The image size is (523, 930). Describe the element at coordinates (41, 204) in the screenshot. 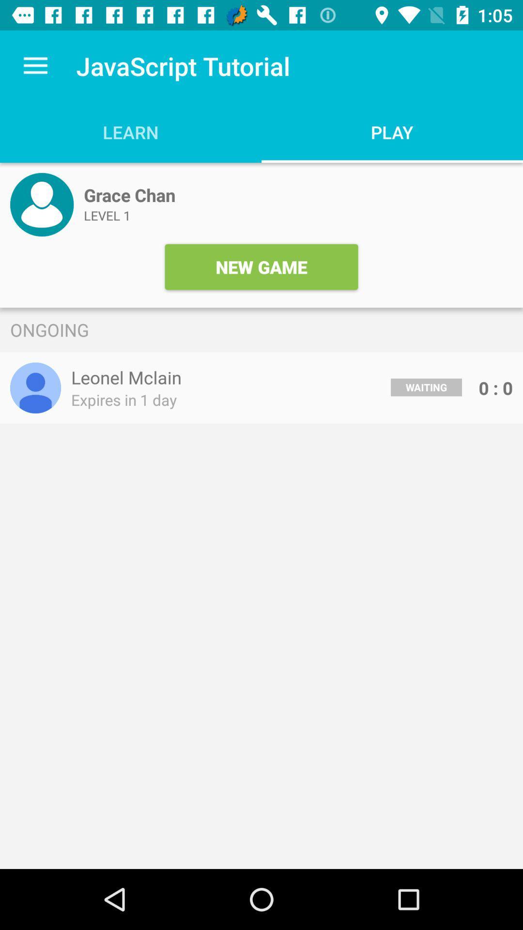

I see `the avatar icon` at that location.